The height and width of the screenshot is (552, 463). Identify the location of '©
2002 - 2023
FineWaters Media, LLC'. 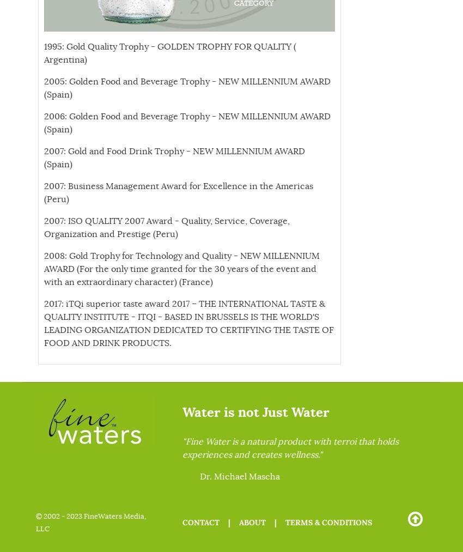
(91, 523).